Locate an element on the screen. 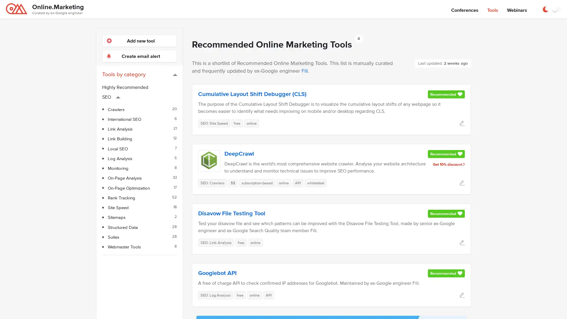 This screenshot has width=567, height=319. API is located at coordinates (268, 295).